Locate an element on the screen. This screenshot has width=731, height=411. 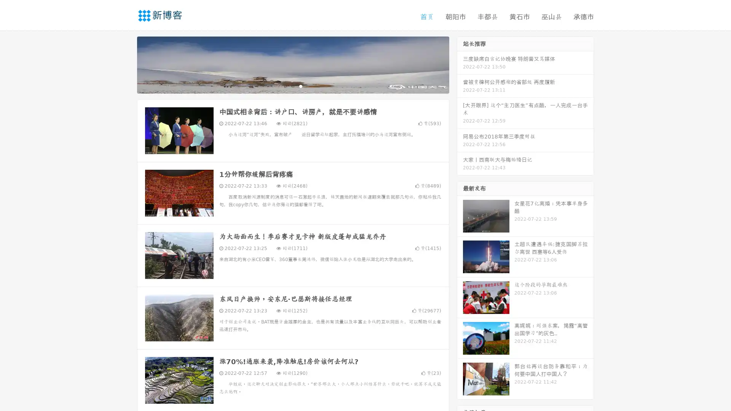
Go to slide 1 is located at coordinates (285, 86).